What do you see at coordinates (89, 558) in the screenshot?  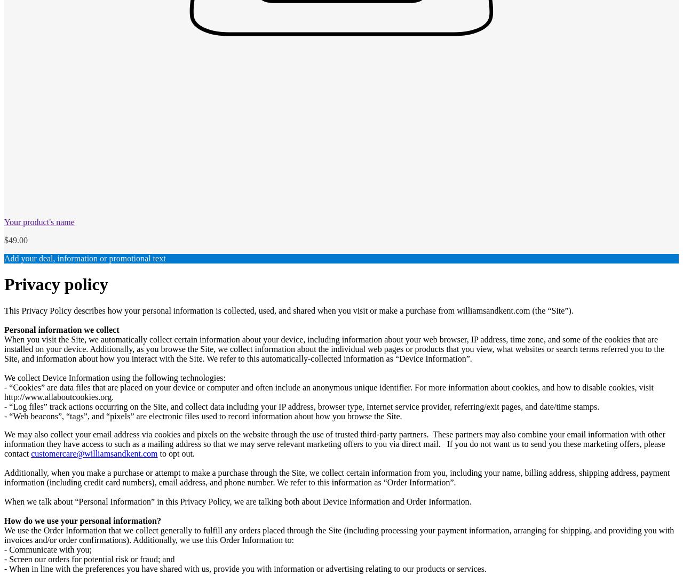 I see `'- Screen our orders for potential risk or fraud; and'` at bounding box center [89, 558].